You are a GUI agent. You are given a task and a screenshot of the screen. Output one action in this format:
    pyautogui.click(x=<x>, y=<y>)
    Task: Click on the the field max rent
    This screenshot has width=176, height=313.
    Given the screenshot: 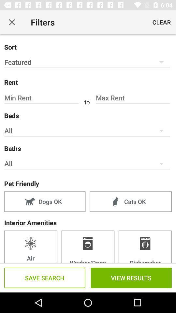 What is the action you would take?
    pyautogui.click(x=133, y=97)
    